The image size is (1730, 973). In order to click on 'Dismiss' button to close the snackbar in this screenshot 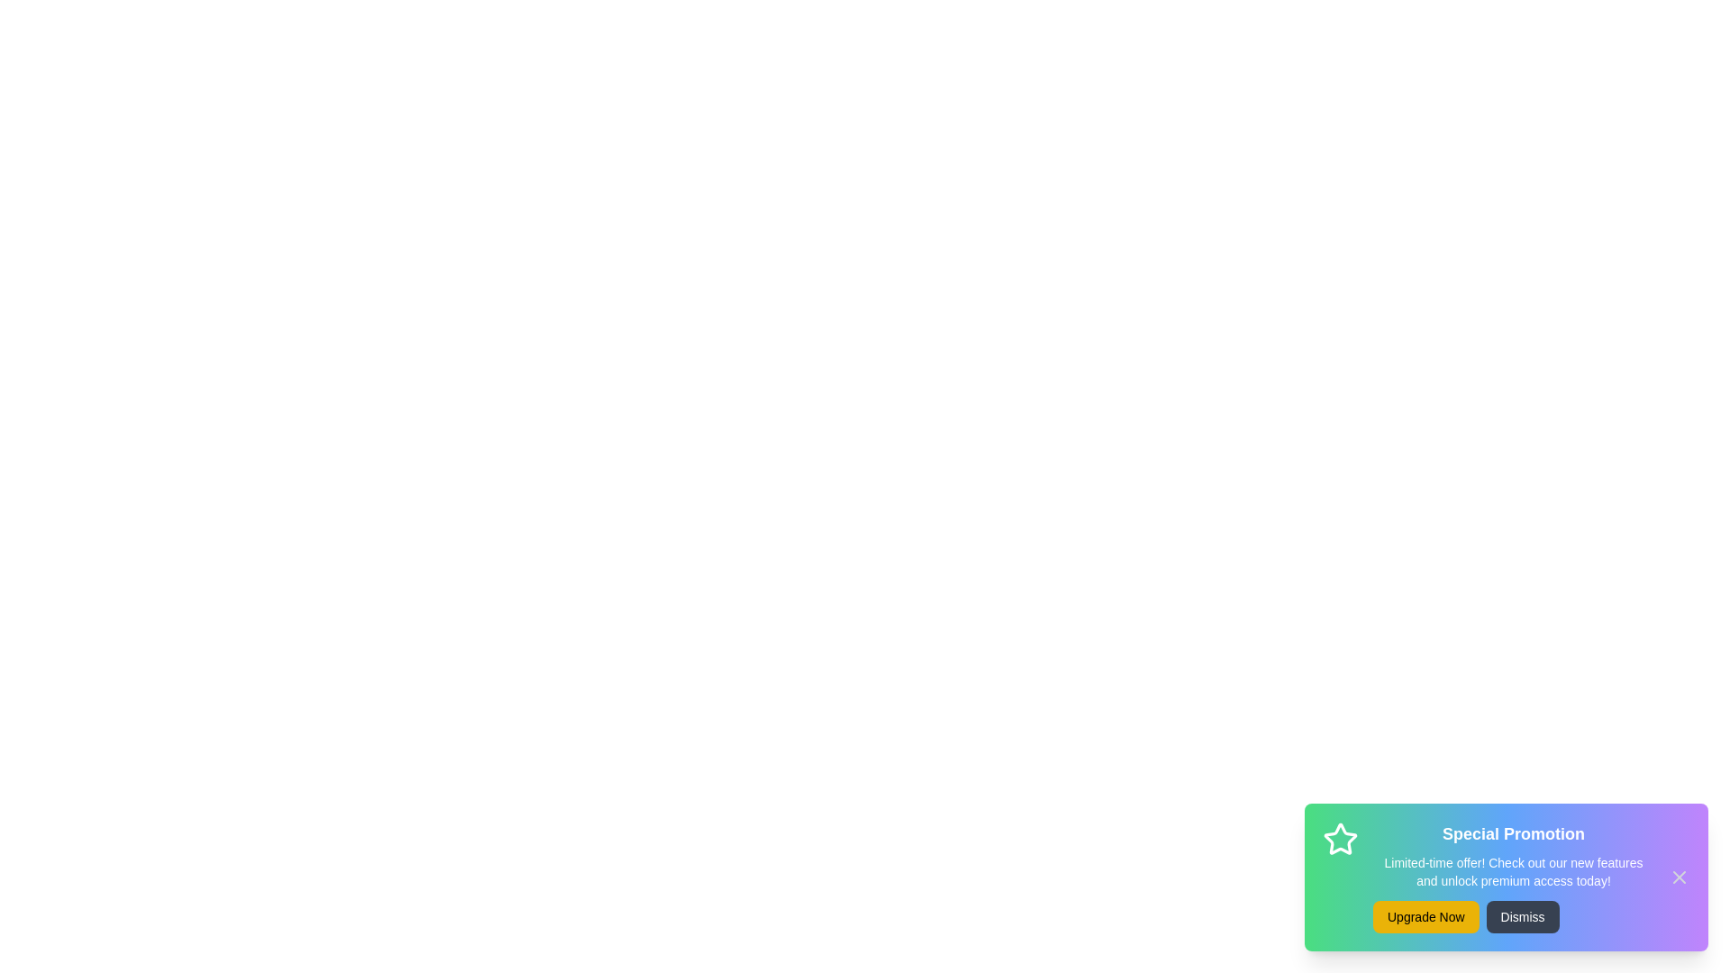, I will do `click(1521, 917)`.